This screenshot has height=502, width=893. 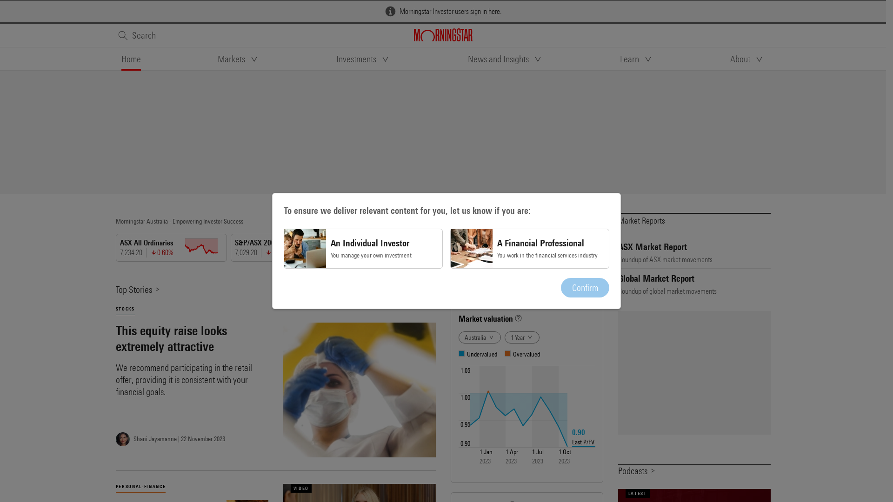 What do you see at coordinates (363, 59) in the screenshot?
I see `'Investments'` at bounding box center [363, 59].